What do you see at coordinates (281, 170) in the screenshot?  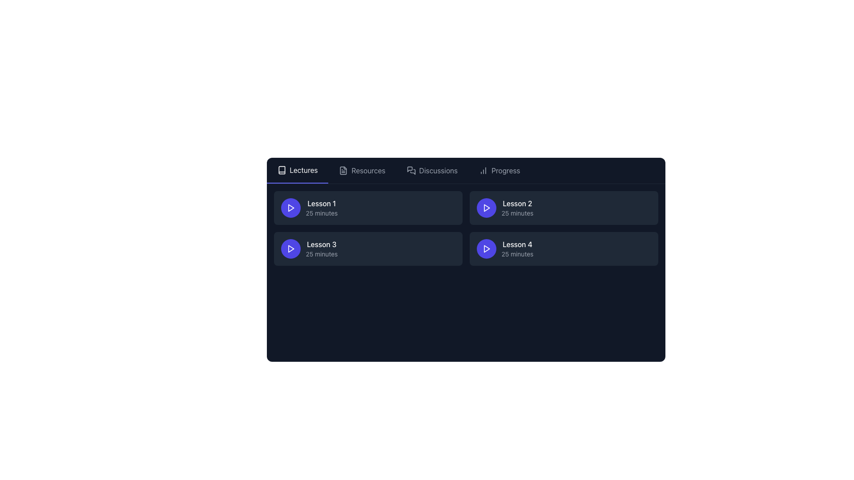 I see `the graphic icon representing books, reading, or lectures, located in the top-left corner of the interface adjacent to the 'Lectures' label` at bounding box center [281, 170].